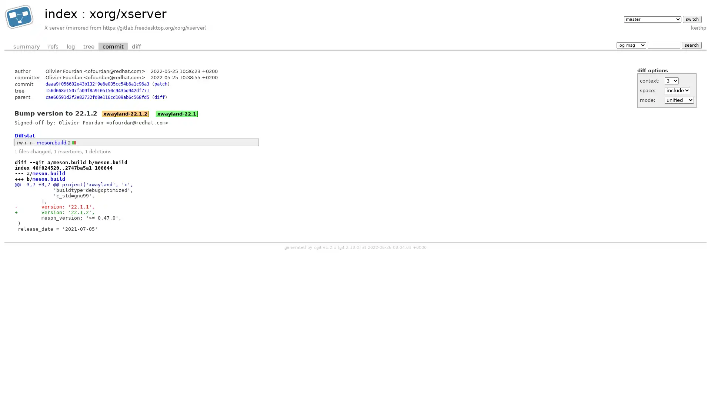 The height and width of the screenshot is (400, 711). Describe the element at coordinates (691, 19) in the screenshot. I see `switch` at that location.